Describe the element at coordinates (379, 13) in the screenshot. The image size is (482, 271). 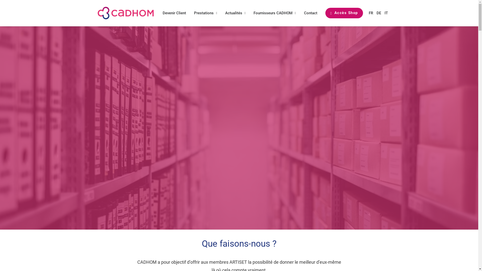
I see `'DE'` at that location.